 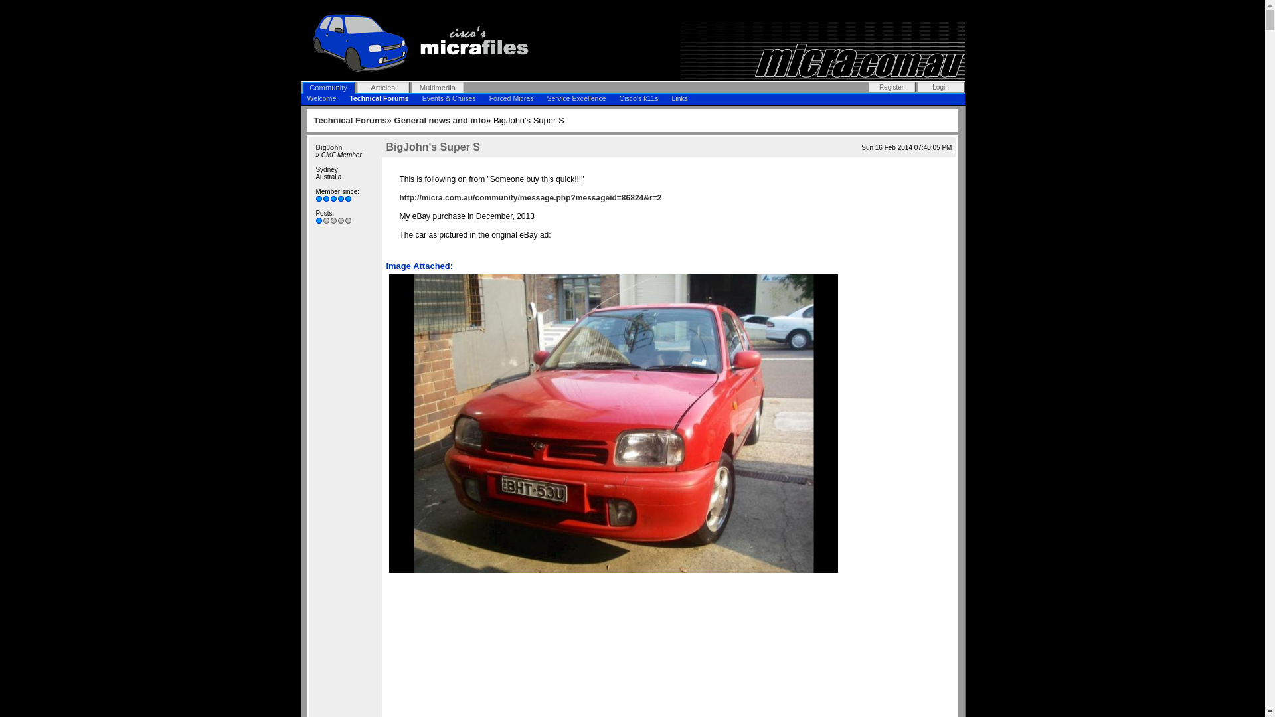 I want to click on 'General news and info', so click(x=394, y=120).